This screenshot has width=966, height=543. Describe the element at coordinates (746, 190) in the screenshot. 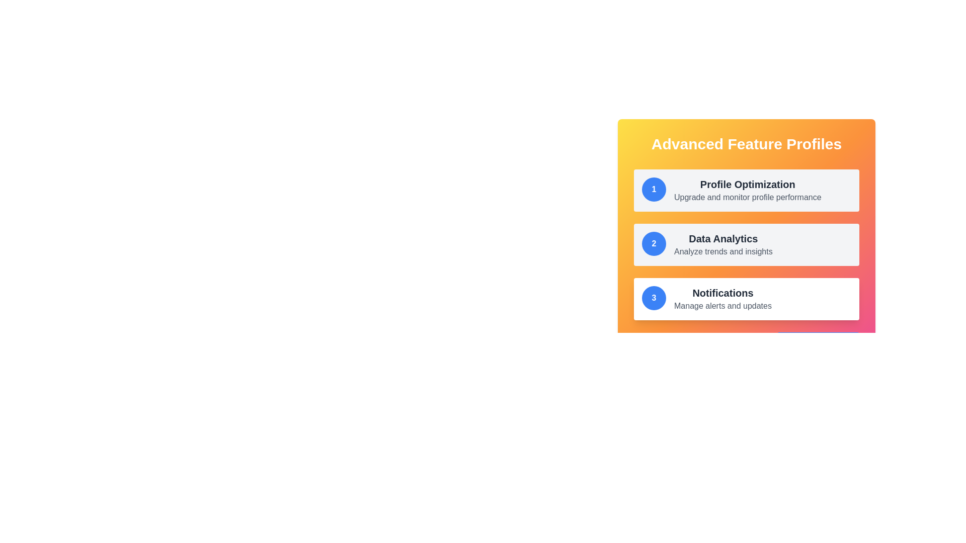

I see `the first card in the 'Advanced Feature Profiles' section, which has a rounded light-gray background and displays a blue circle with the number '1', along with the text 'Profile Optimization' and its description` at that location.